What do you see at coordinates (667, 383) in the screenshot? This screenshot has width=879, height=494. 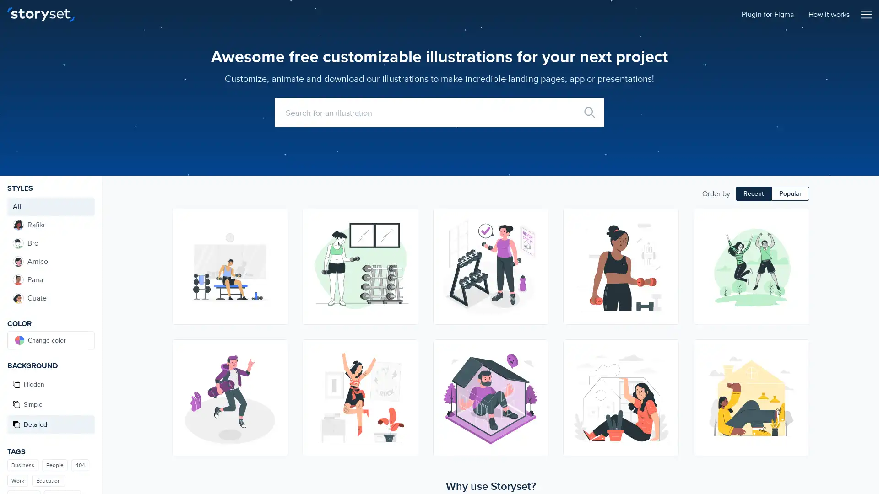 I see `Pinterest icon Save` at bounding box center [667, 383].